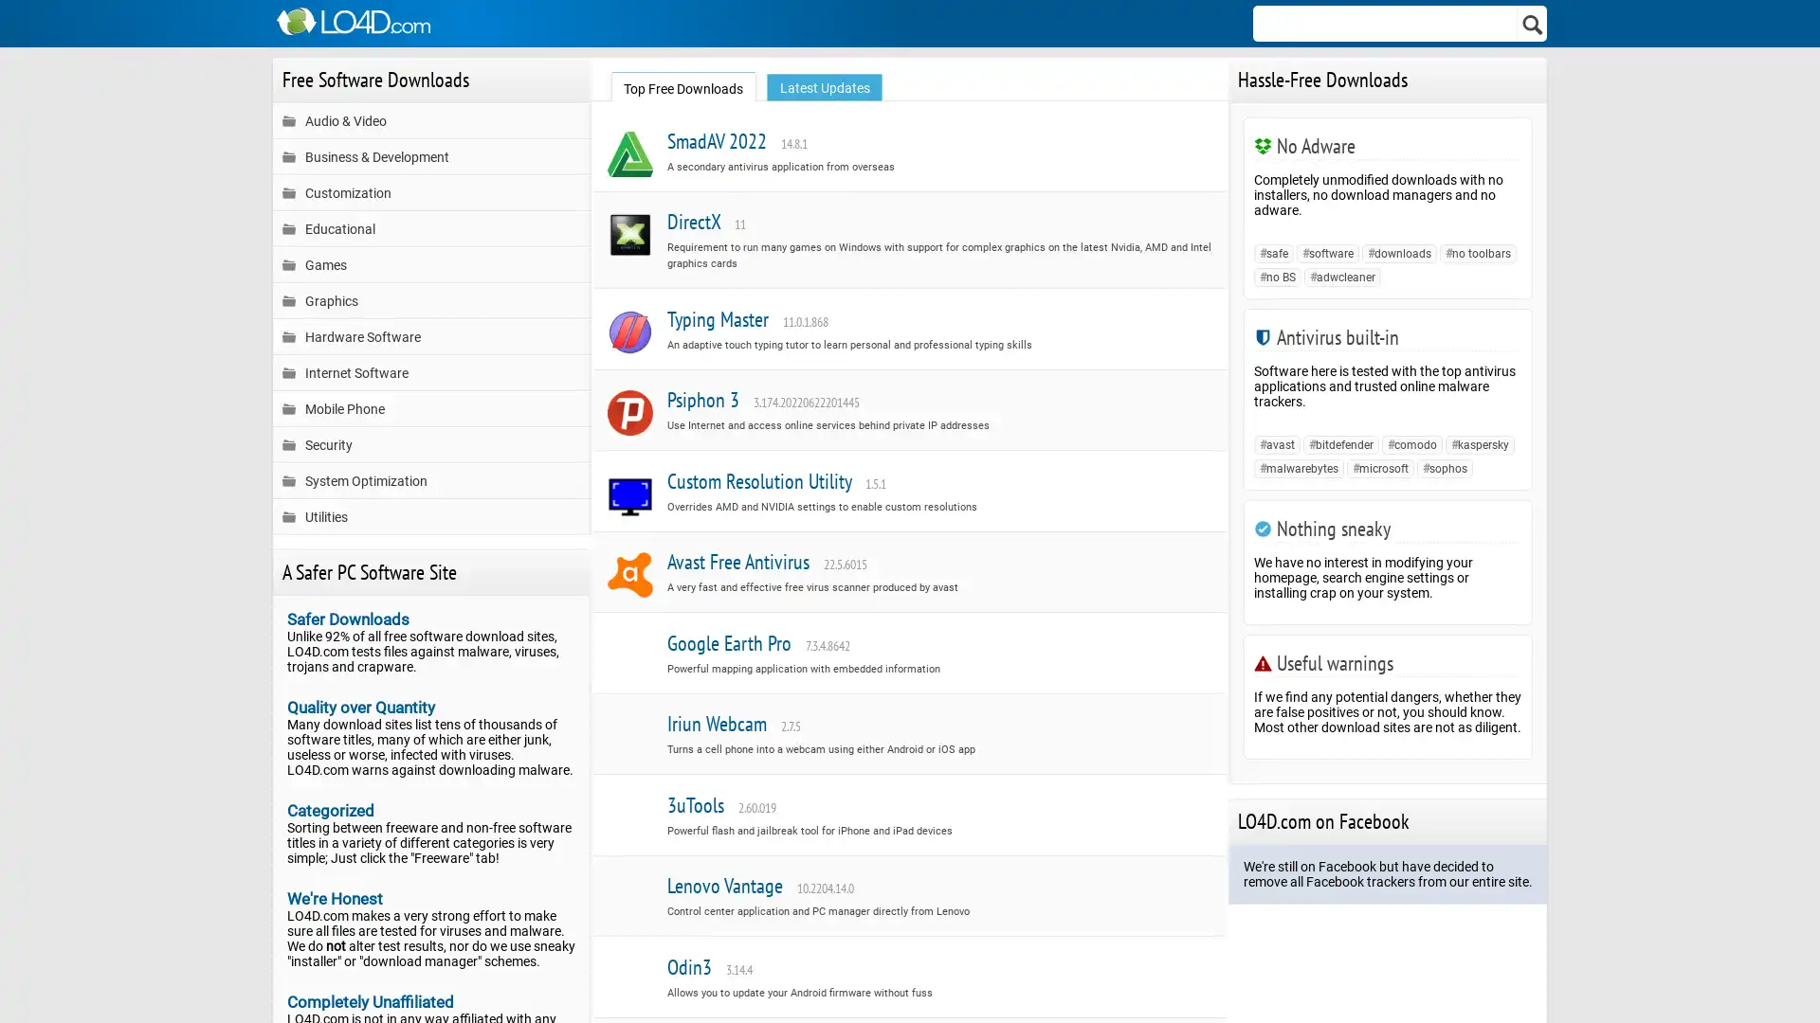  What do you see at coordinates (1533, 23) in the screenshot?
I see `Search` at bounding box center [1533, 23].